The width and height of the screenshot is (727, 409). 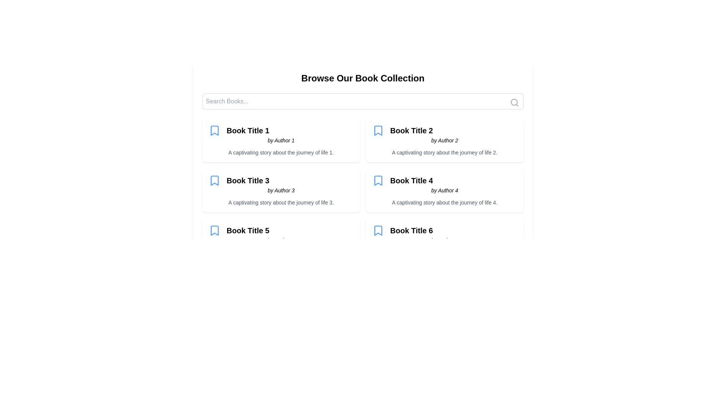 What do you see at coordinates (411, 130) in the screenshot?
I see `text label displaying the book title 'Book Title 2', which is located in the top row of the structured grid layout, centered in the rightmost column` at bounding box center [411, 130].